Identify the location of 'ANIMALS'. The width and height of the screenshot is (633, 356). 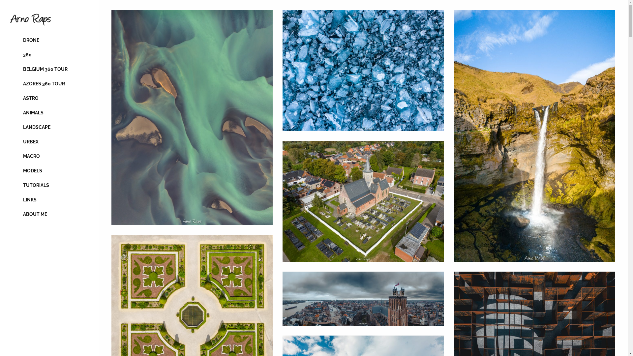
(49, 112).